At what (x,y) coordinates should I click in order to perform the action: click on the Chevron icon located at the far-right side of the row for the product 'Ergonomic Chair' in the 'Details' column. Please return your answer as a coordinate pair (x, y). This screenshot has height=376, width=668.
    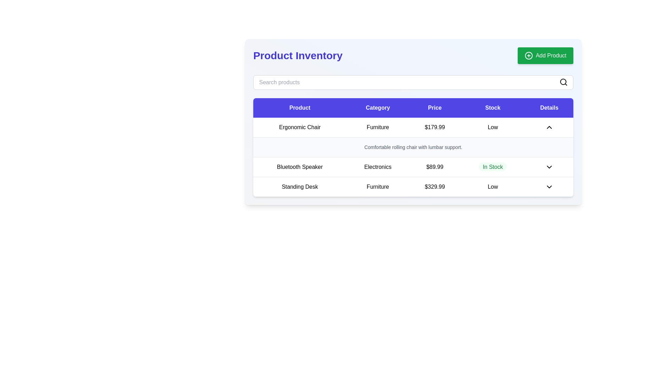
    Looking at the image, I should click on (549, 127).